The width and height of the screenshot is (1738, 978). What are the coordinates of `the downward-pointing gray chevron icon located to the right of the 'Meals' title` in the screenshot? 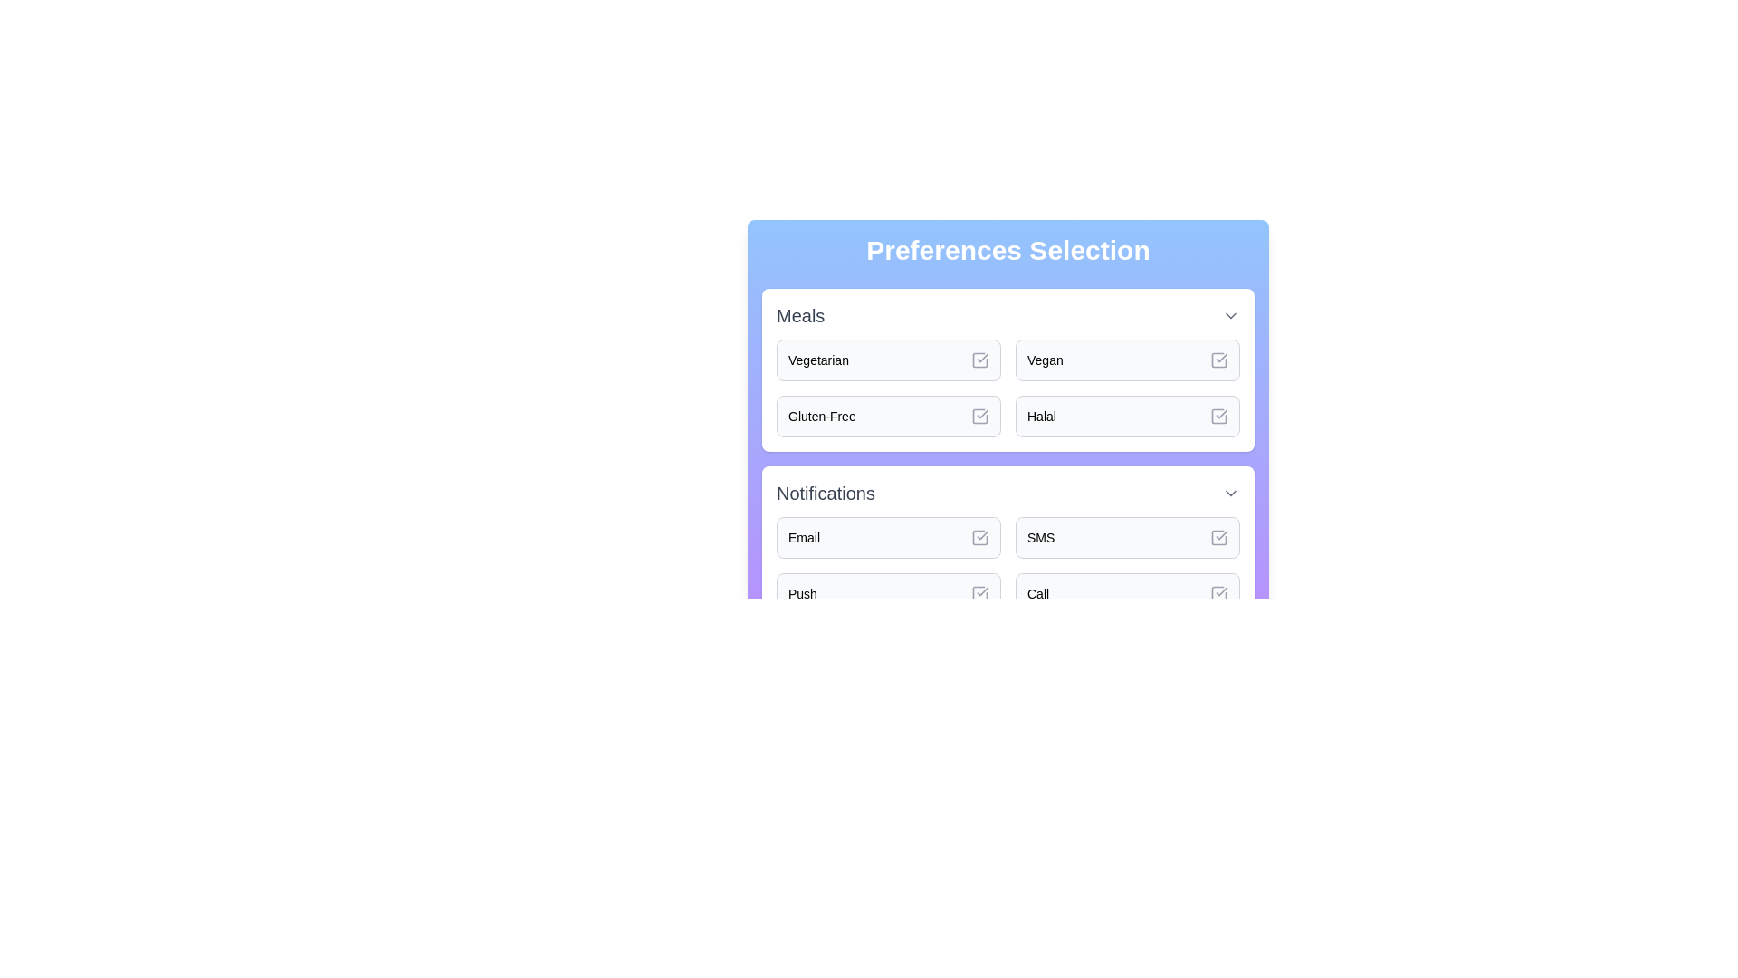 It's located at (1230, 314).